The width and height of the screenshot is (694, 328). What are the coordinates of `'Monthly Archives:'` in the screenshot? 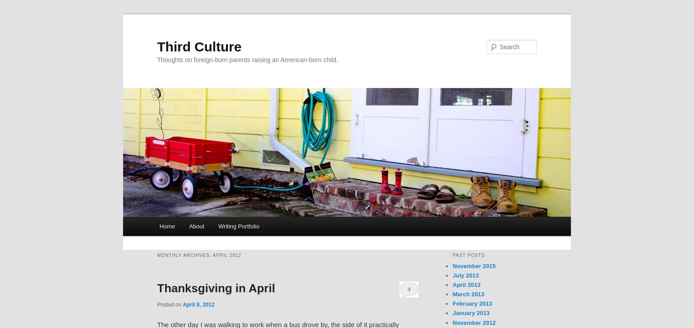 It's located at (185, 255).